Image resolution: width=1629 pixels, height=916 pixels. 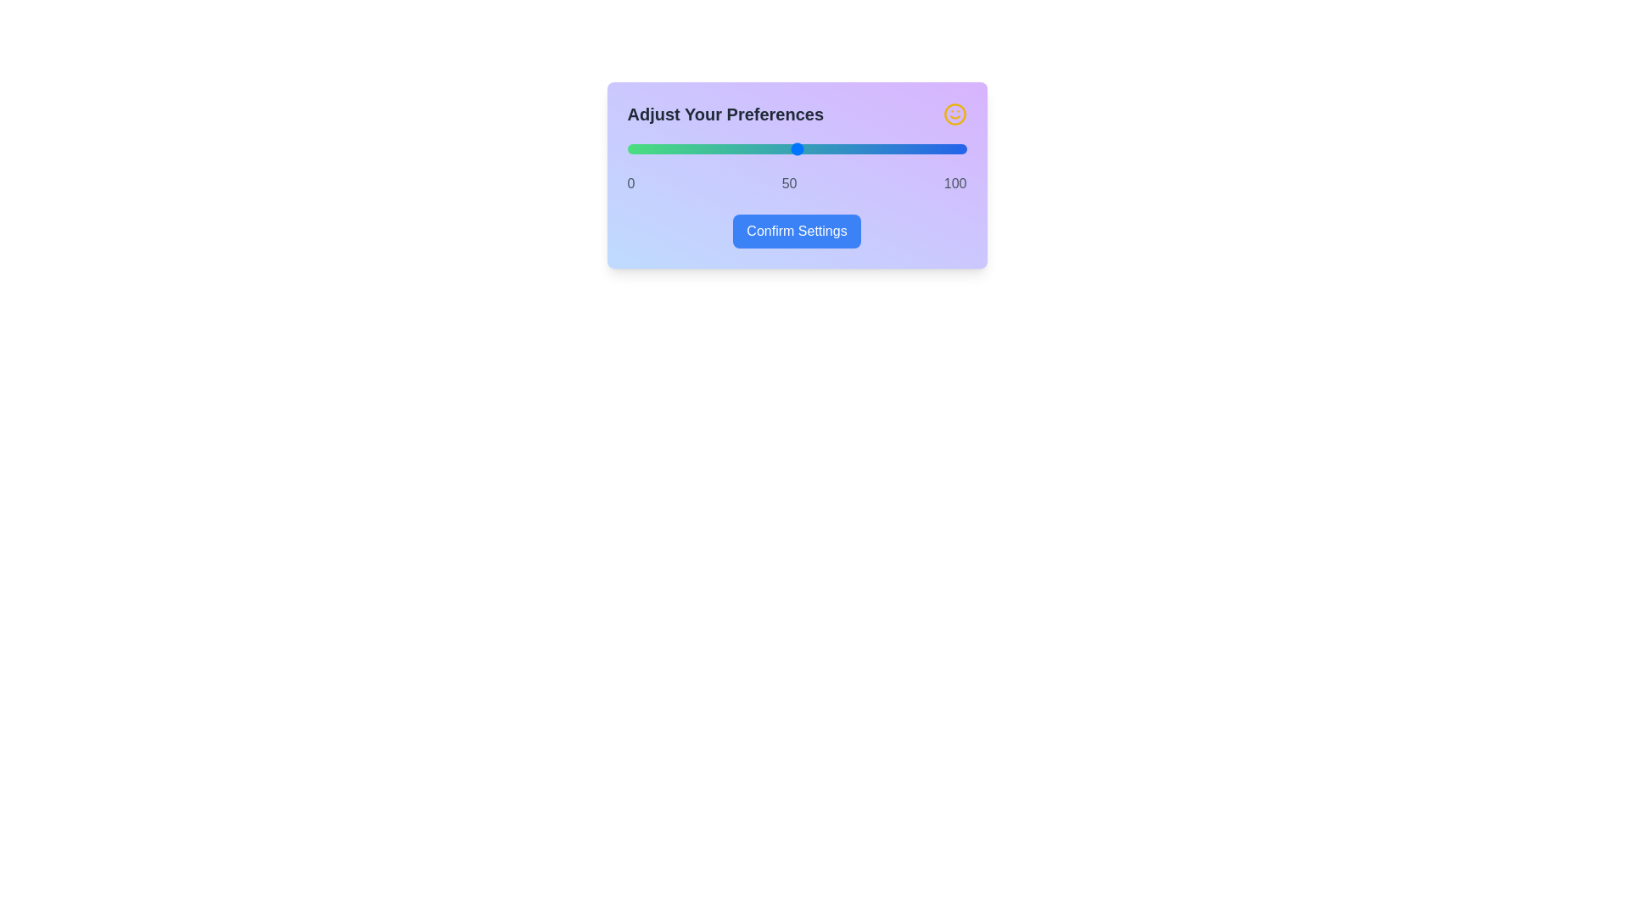 What do you see at coordinates (719, 148) in the screenshot?
I see `the slider to set the value to 27` at bounding box center [719, 148].